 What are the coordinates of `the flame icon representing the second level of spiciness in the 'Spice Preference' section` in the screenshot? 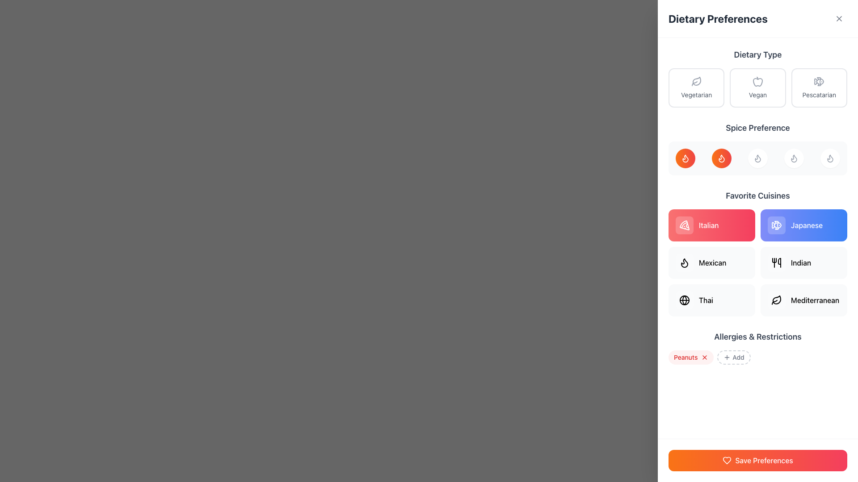 It's located at (684, 262).